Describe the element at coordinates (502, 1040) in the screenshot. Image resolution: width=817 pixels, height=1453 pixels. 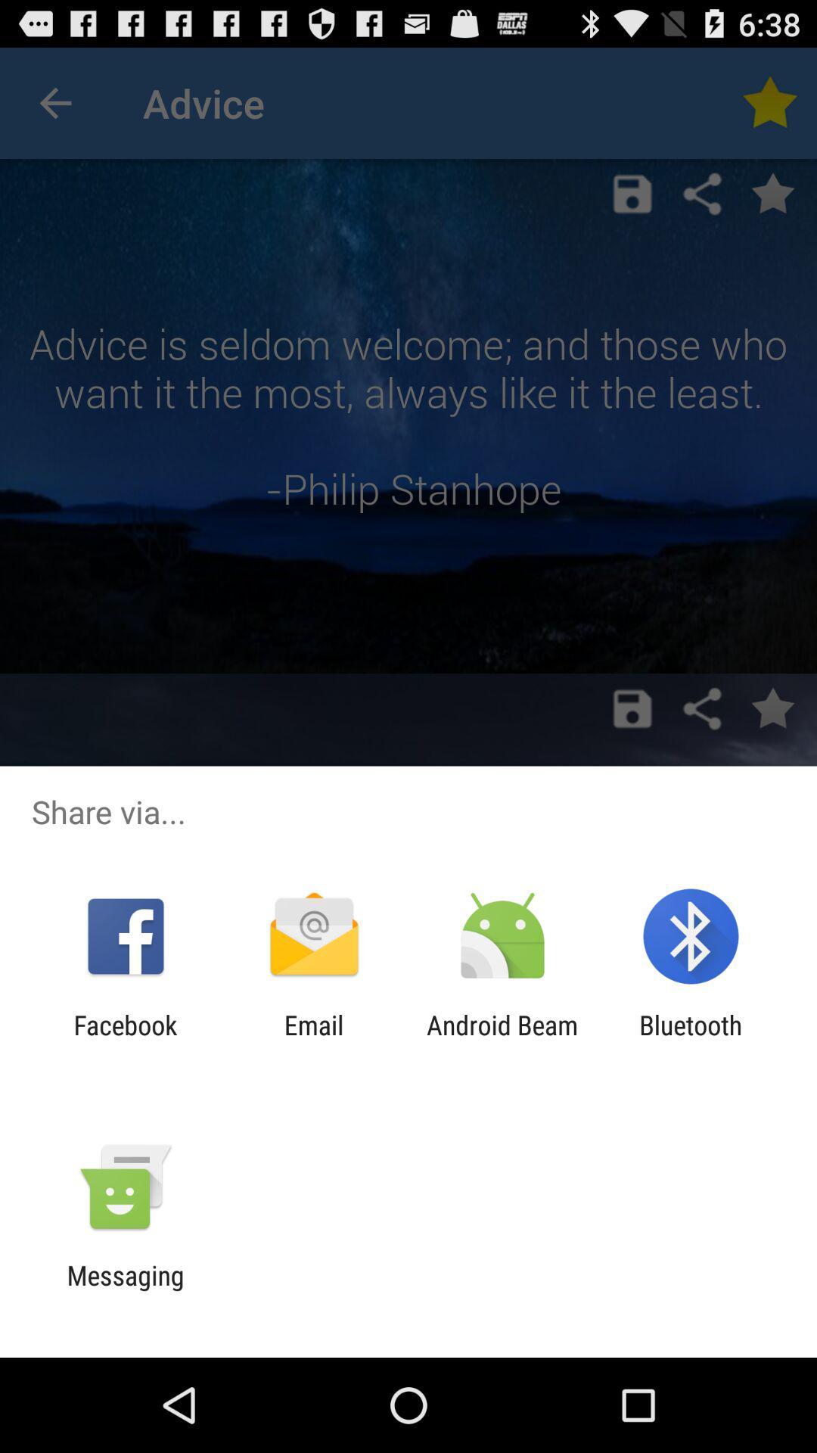
I see `the app to the left of bluetooth app` at that location.